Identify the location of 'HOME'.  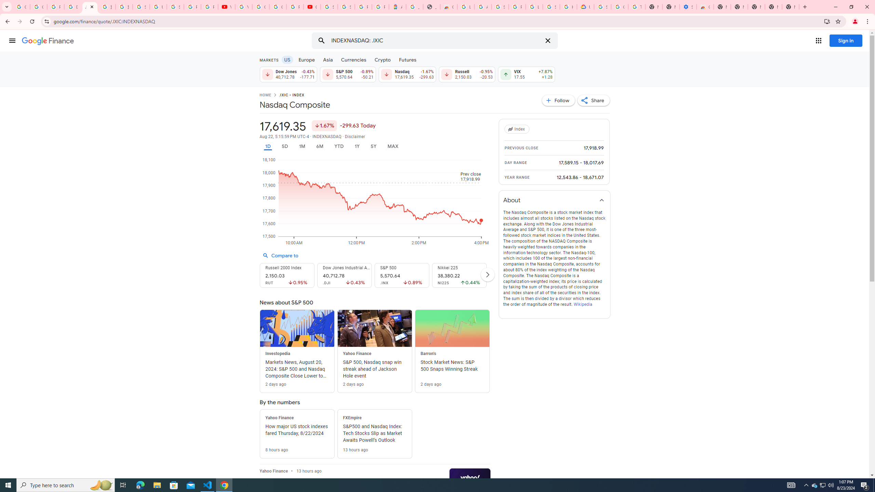
(265, 95).